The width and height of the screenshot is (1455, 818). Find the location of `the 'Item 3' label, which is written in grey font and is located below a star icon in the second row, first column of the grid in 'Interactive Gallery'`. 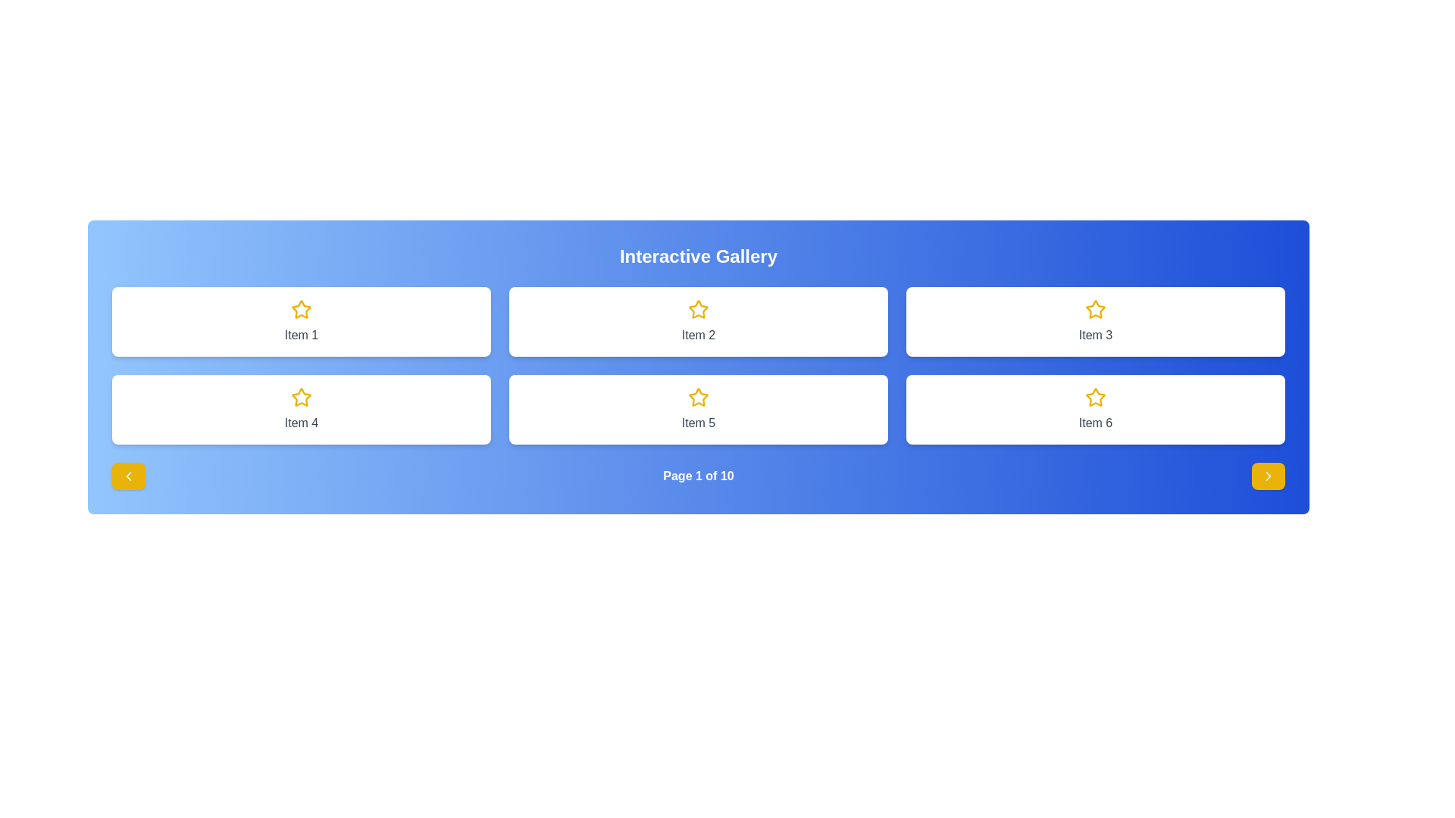

the 'Item 3' label, which is written in grey font and is located below a star icon in the second row, first column of the grid in 'Interactive Gallery' is located at coordinates (1095, 335).